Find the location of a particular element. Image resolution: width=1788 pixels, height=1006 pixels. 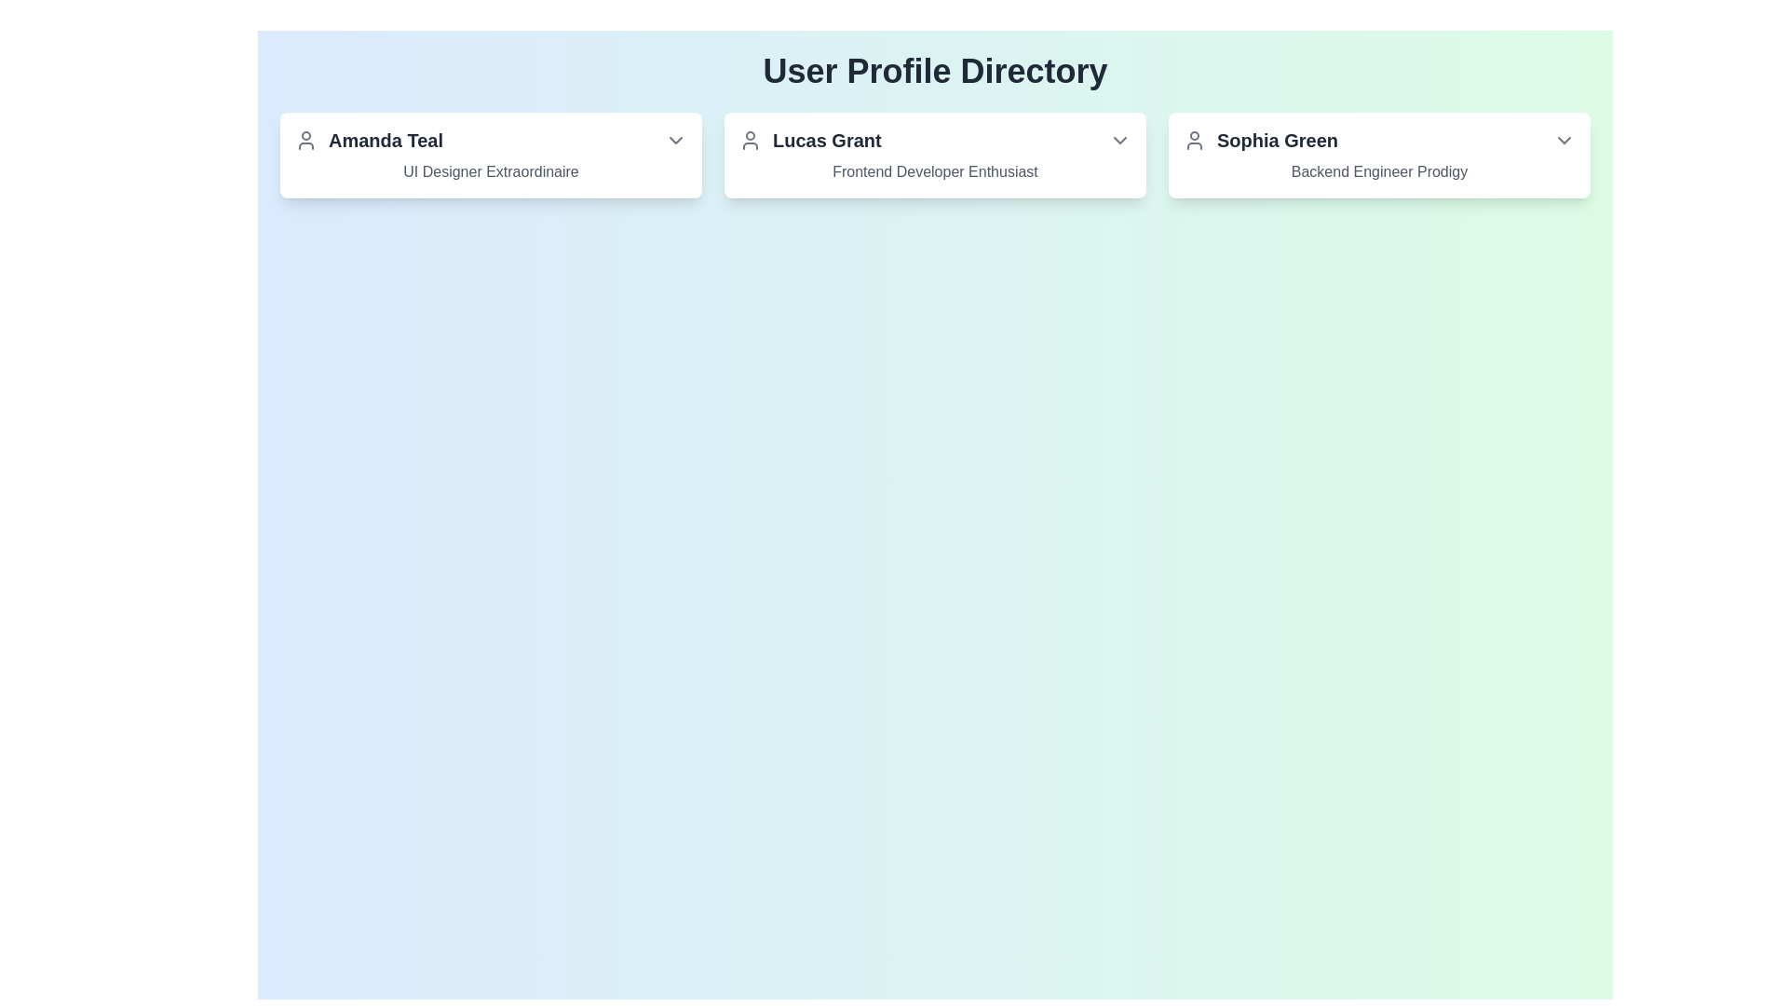

the dropdown button (chevron icon) located at the top-right corner of the 'Lucas Grant' profile card is located at coordinates (1119, 139).